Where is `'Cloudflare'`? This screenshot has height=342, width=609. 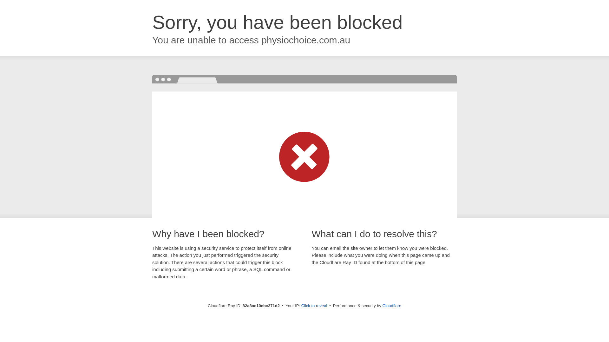 'Cloudflare' is located at coordinates (391, 305).